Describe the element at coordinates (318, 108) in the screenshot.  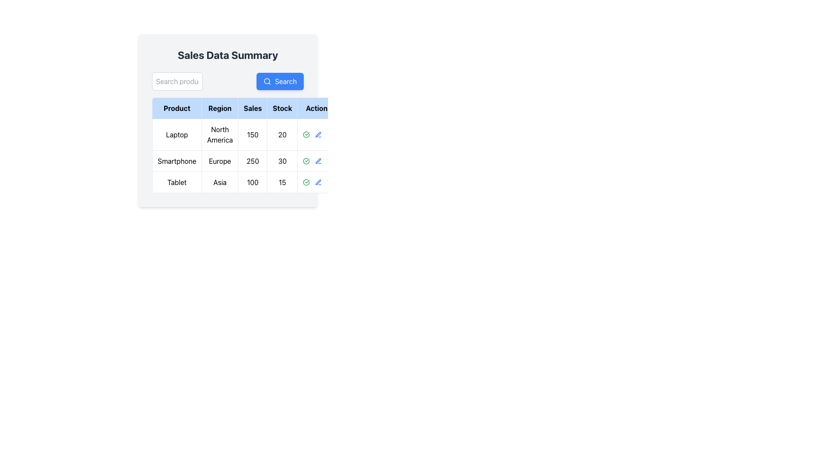
I see `text from the 'Actions' column header cell, which is the fifth header from the left in the table` at that location.